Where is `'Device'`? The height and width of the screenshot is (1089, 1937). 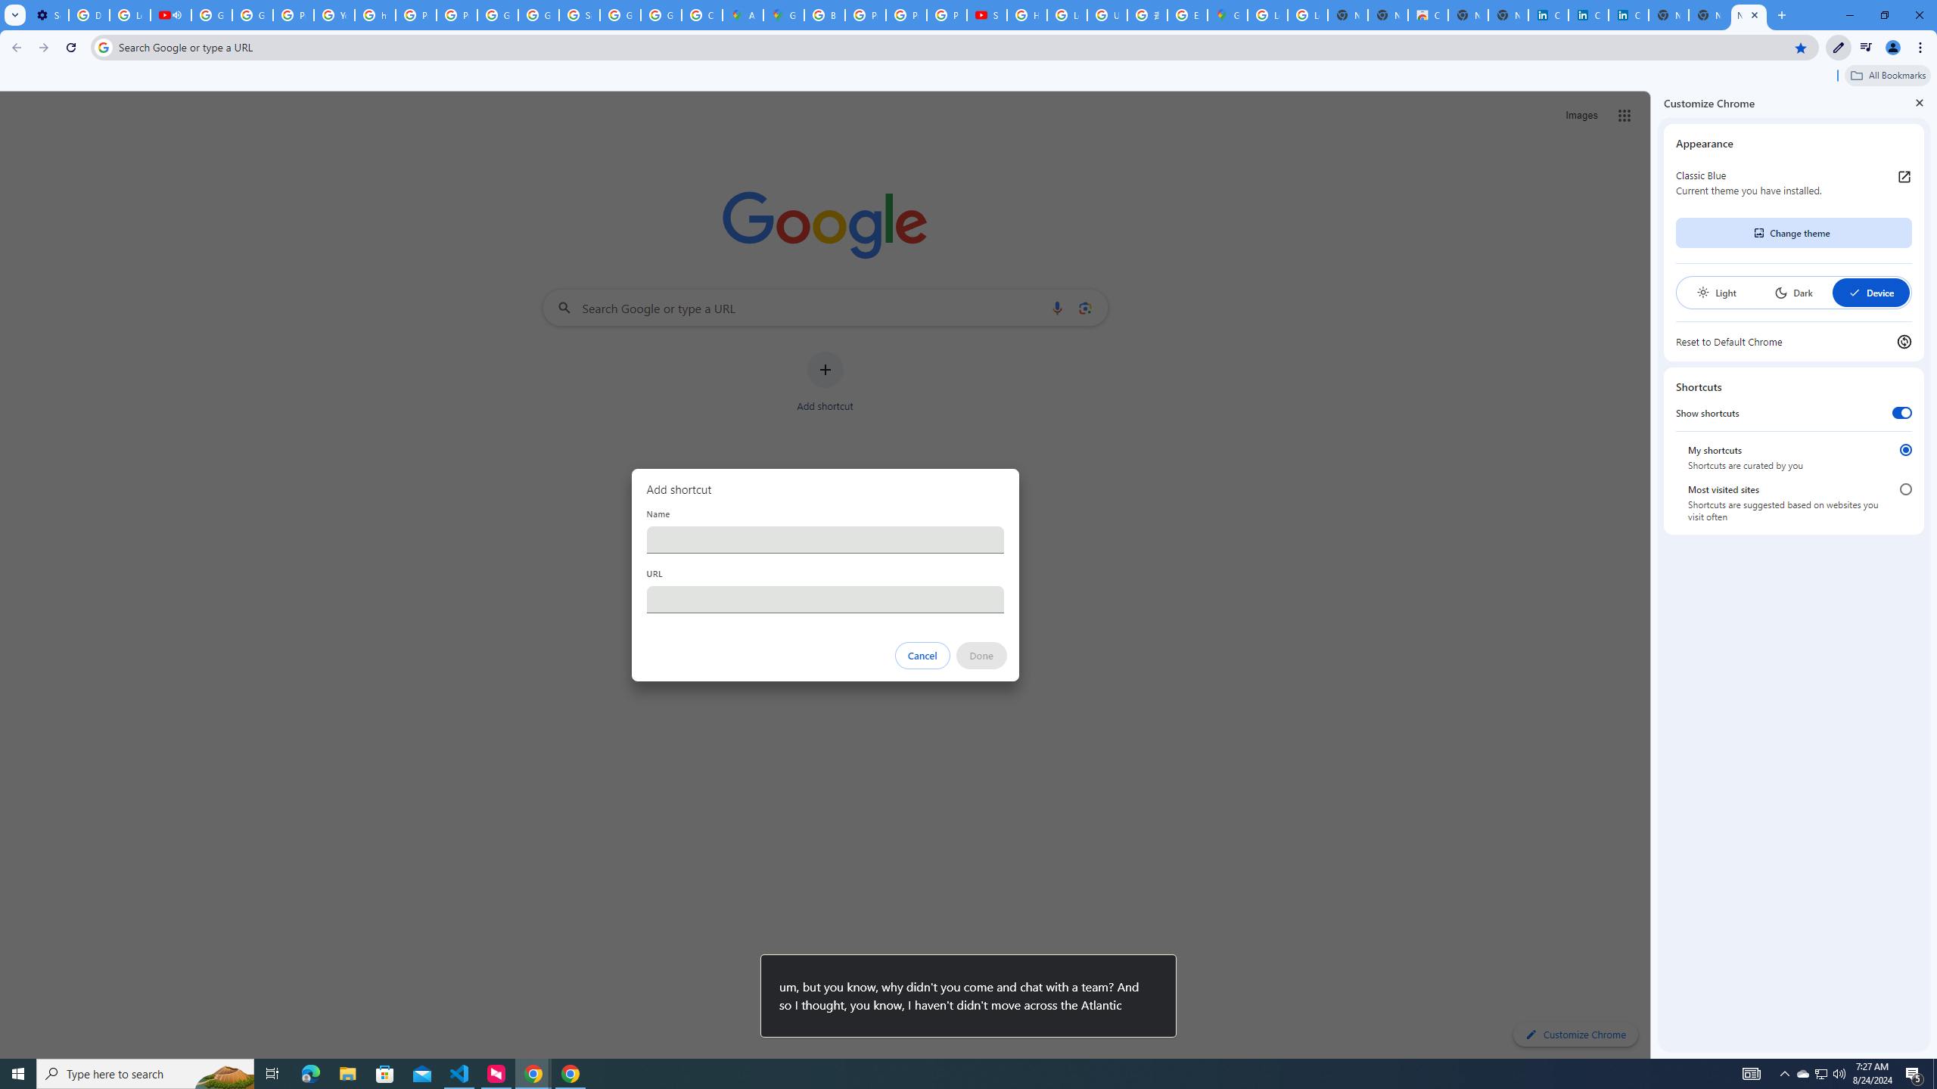
'Device' is located at coordinates (1870, 292).